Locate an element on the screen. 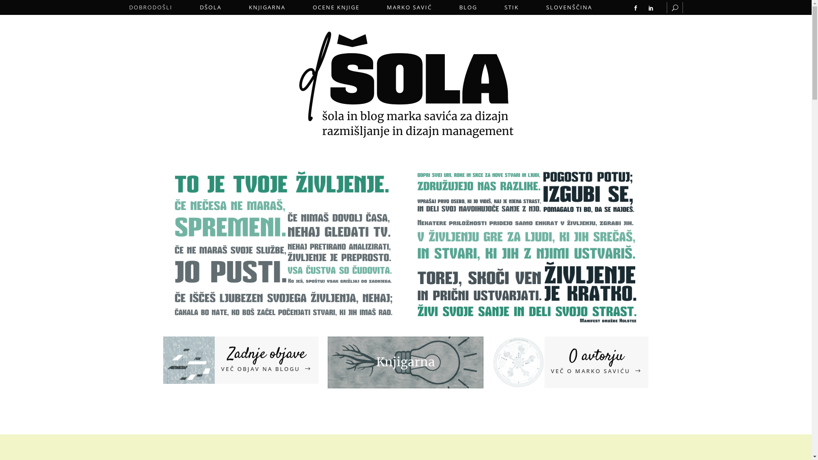 This screenshot has width=818, height=460. 'KNJIGARNA' is located at coordinates (267, 7).